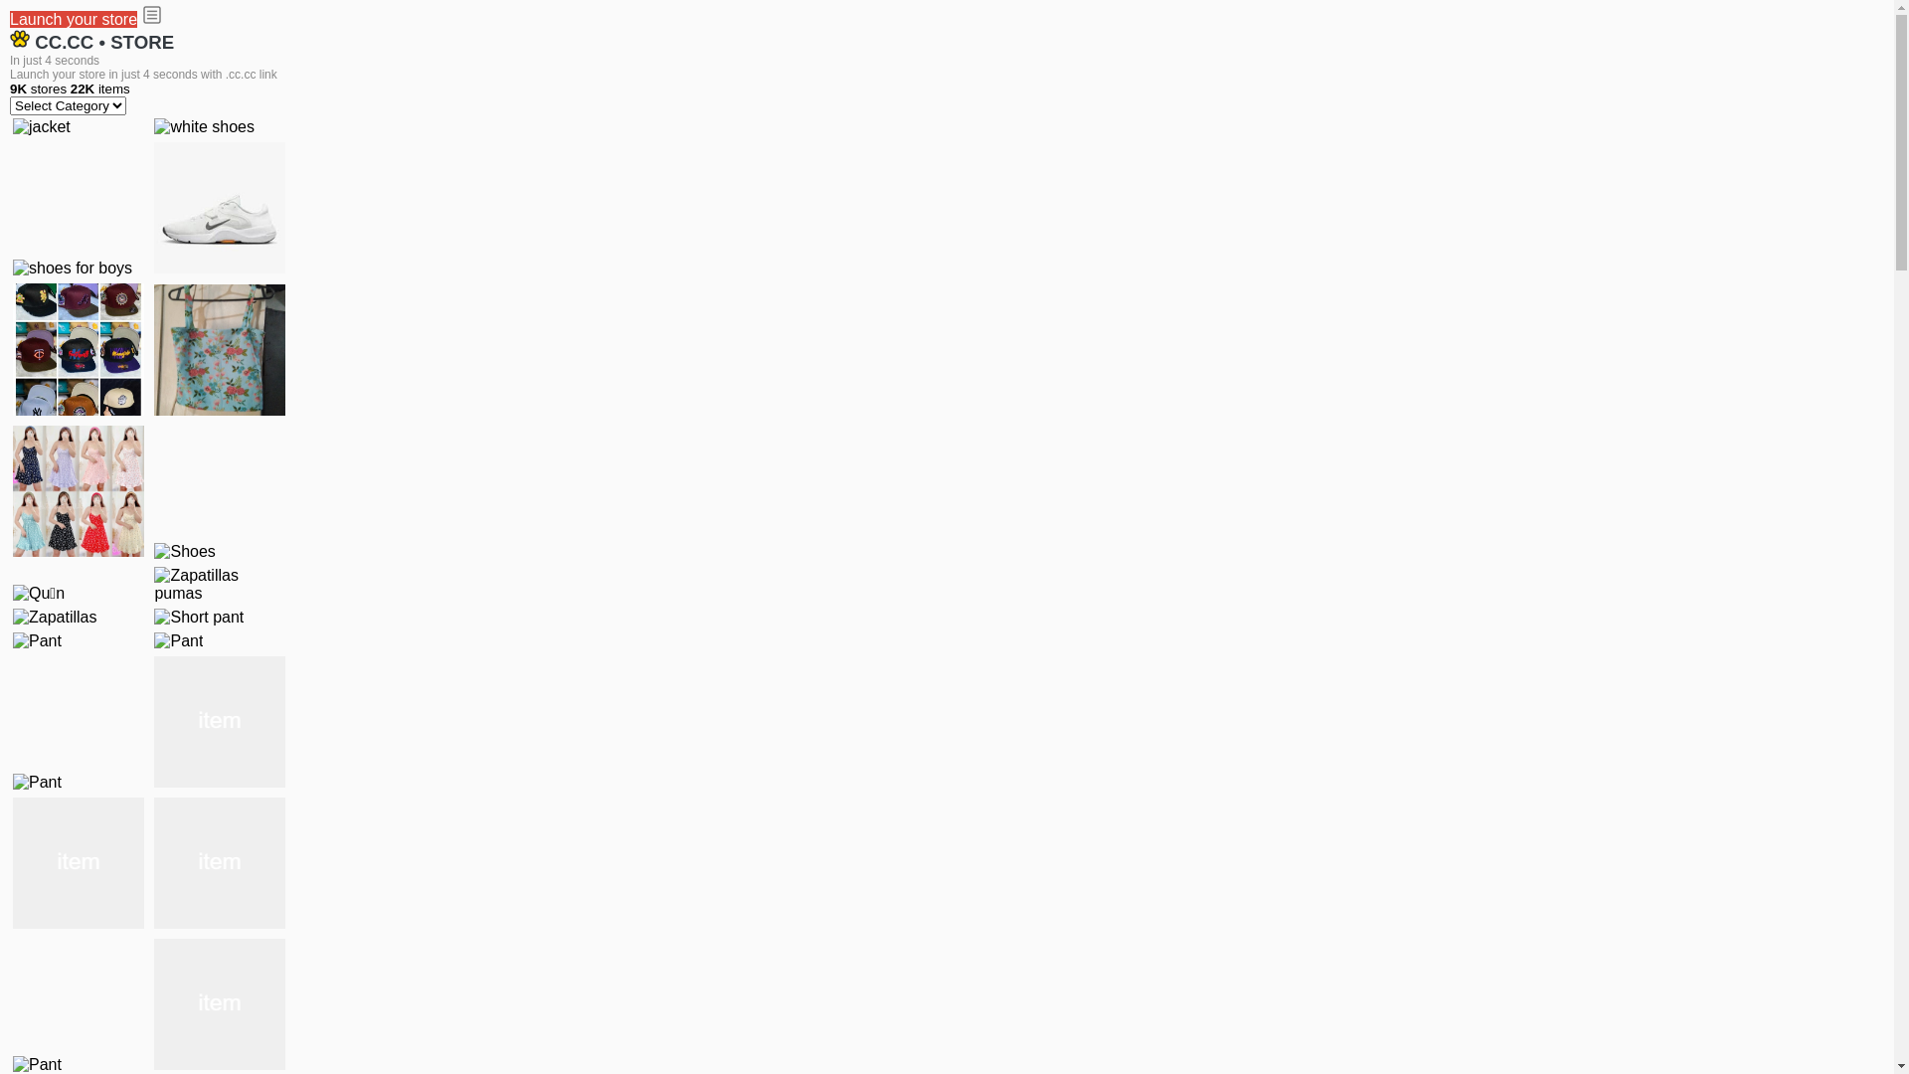 Image resolution: width=1909 pixels, height=1074 pixels. Describe the element at coordinates (219, 348) in the screenshot. I see `'Ukay cloth'` at that location.